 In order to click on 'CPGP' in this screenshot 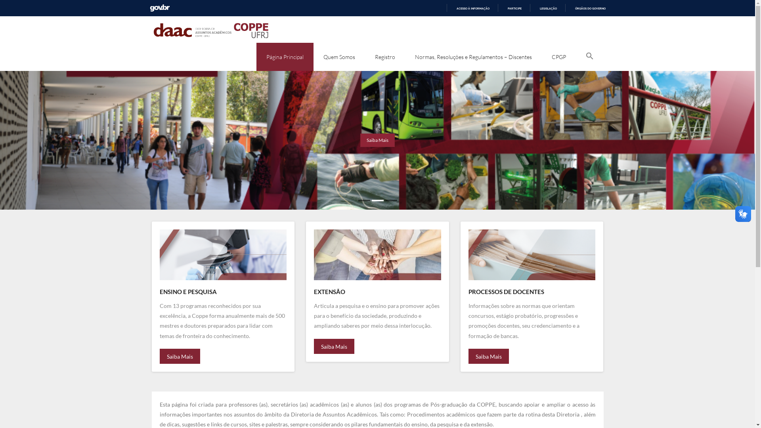, I will do `click(541, 56)`.